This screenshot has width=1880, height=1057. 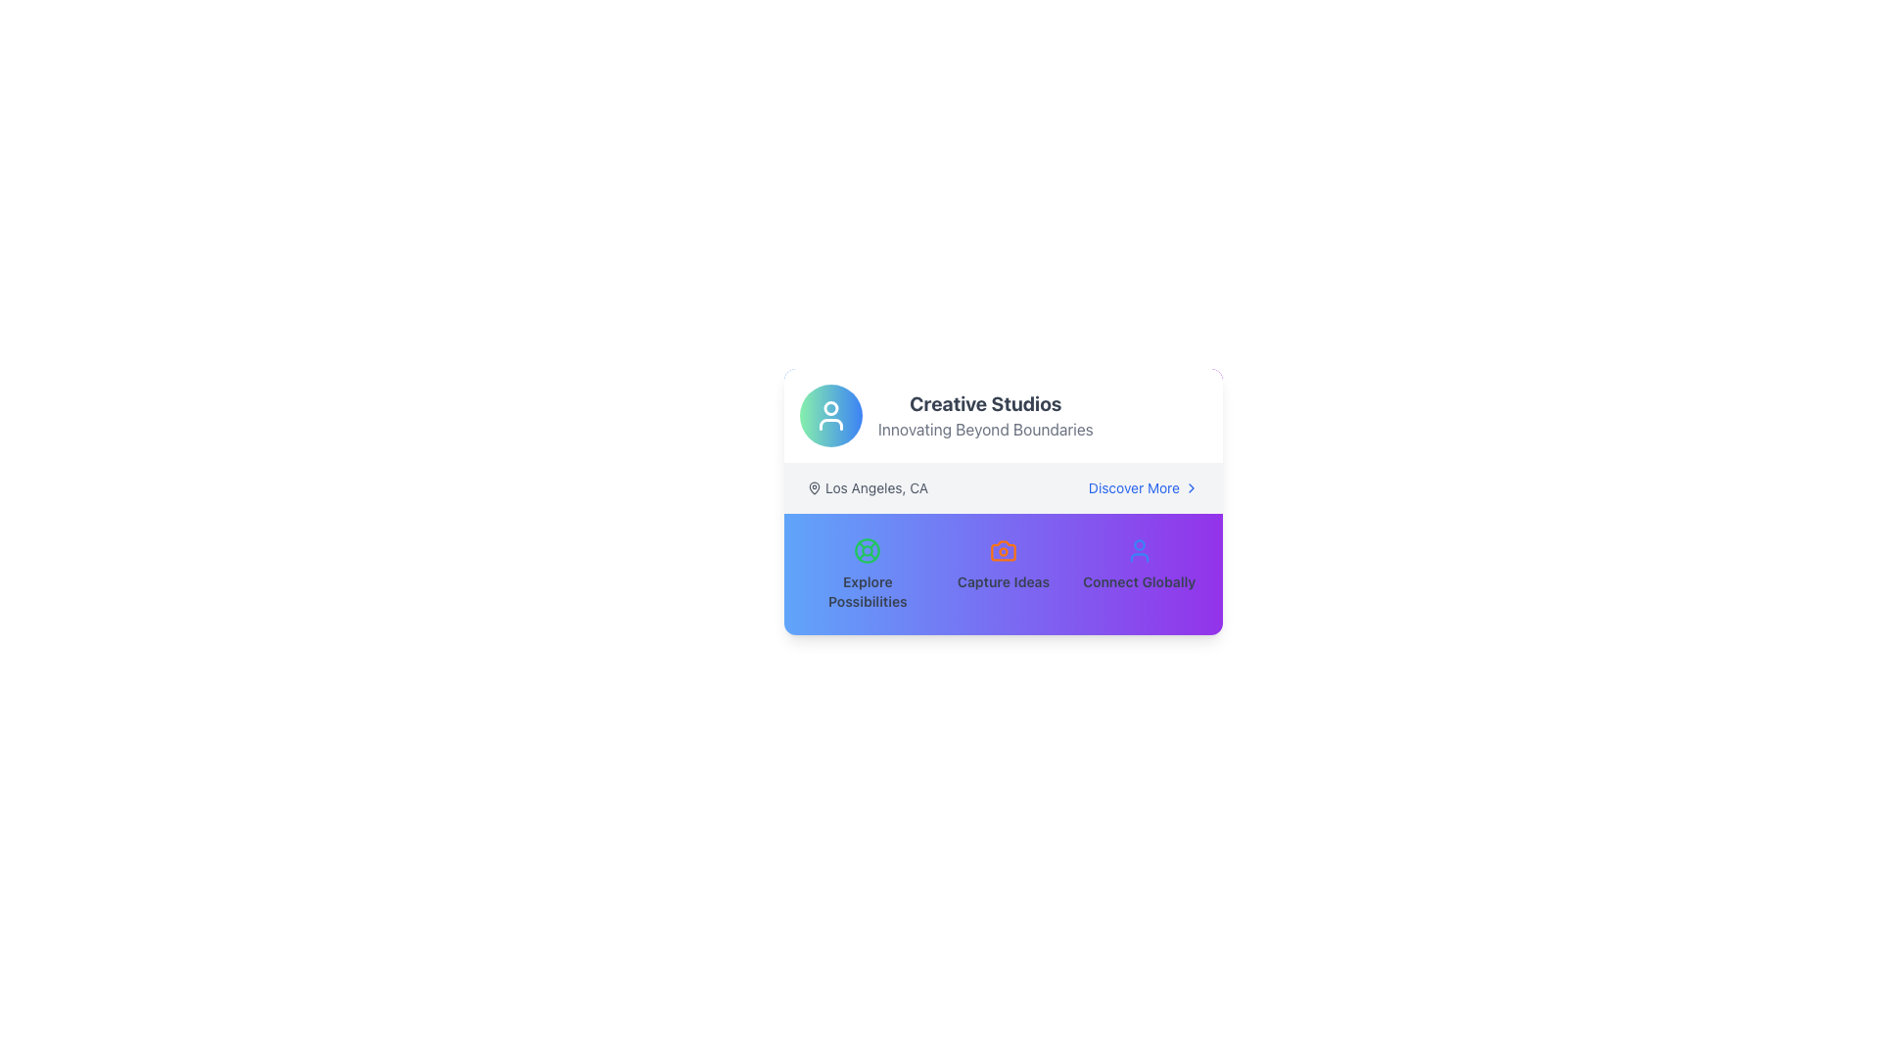 What do you see at coordinates (831, 414) in the screenshot?
I see `the user silhouette SVG icon located at the top left of the card design, near the text 'Creative Studios'` at bounding box center [831, 414].